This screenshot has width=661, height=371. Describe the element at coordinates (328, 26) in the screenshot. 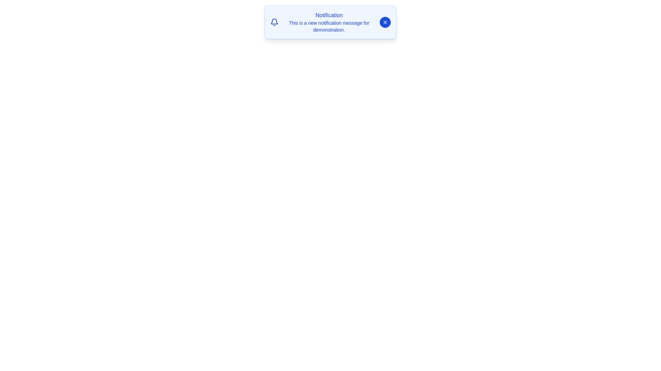

I see `the descriptive text element located under the title 'Notification', which provides additional context for the notification` at that location.